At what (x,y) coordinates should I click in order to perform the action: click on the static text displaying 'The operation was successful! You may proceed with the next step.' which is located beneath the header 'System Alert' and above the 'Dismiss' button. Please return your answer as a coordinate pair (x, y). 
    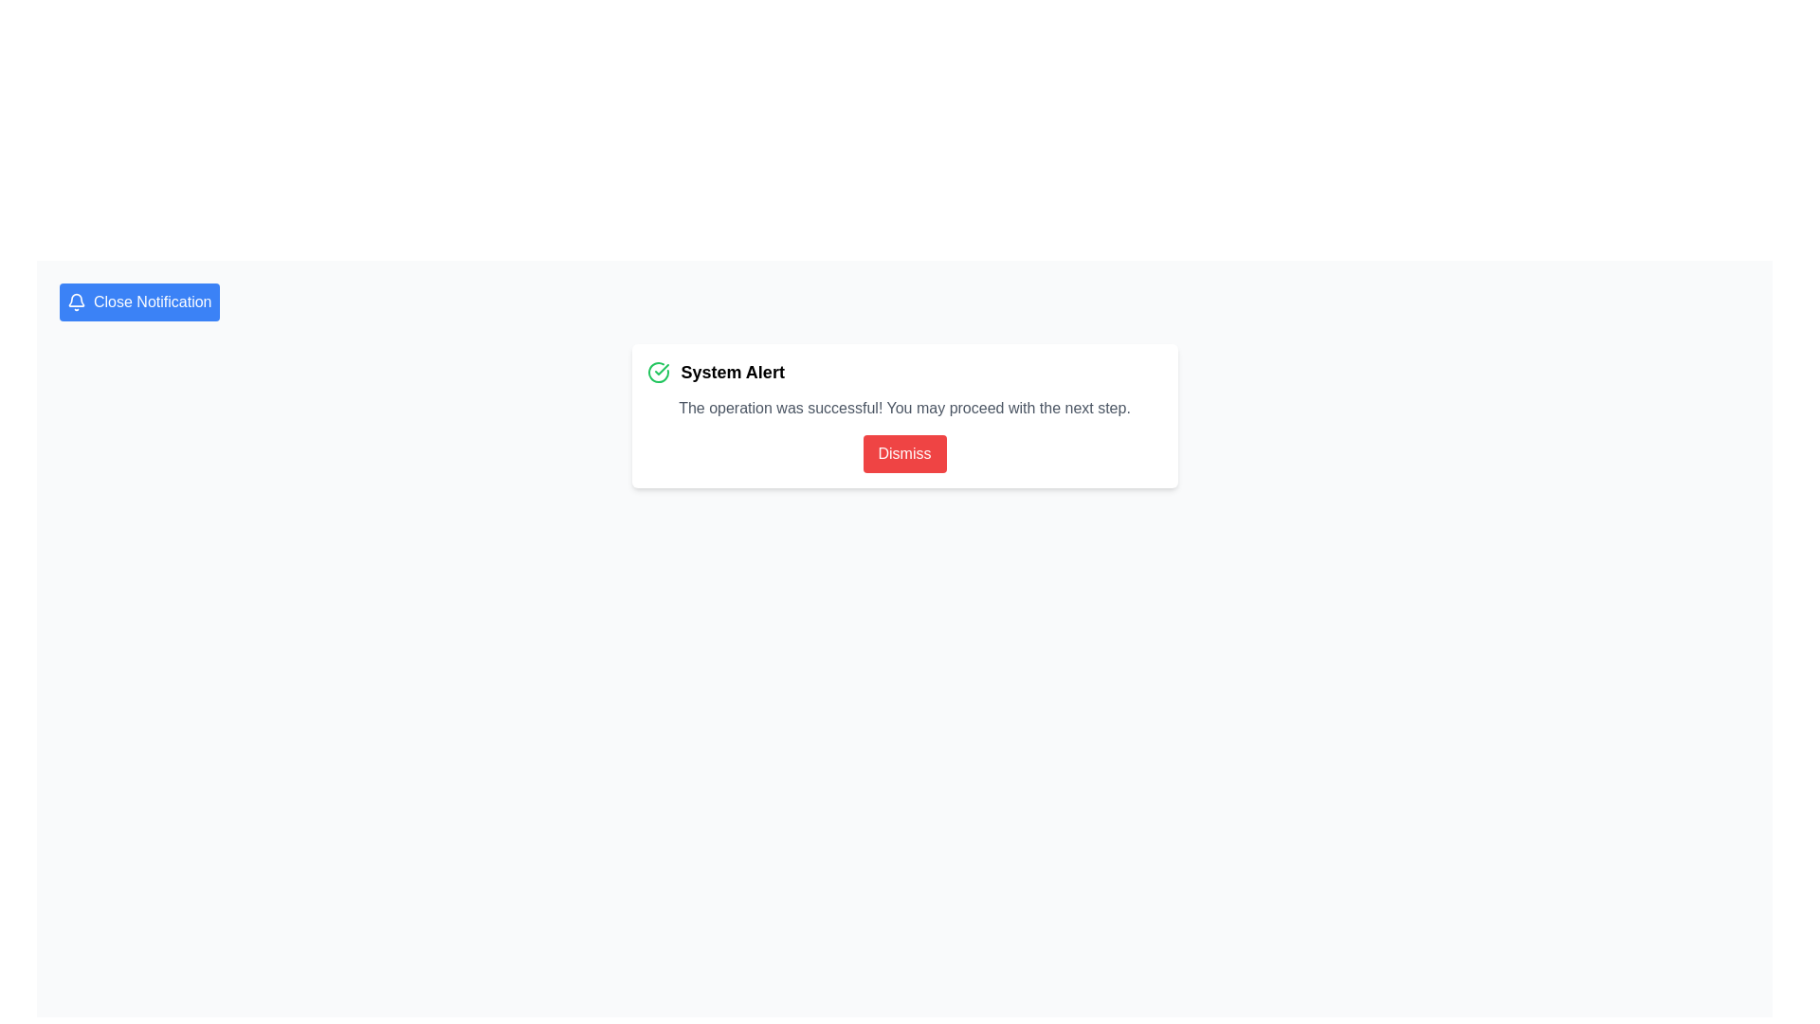
    Looking at the image, I should click on (903, 408).